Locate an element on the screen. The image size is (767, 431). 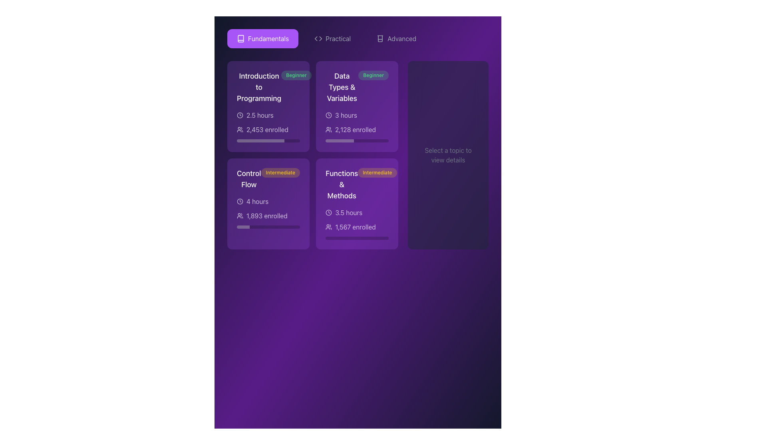
the decorative SVG icon component that symbolizes the educational nature of the 'Fundamentals' button, located in the top-left section of the interface is located at coordinates (240, 38).